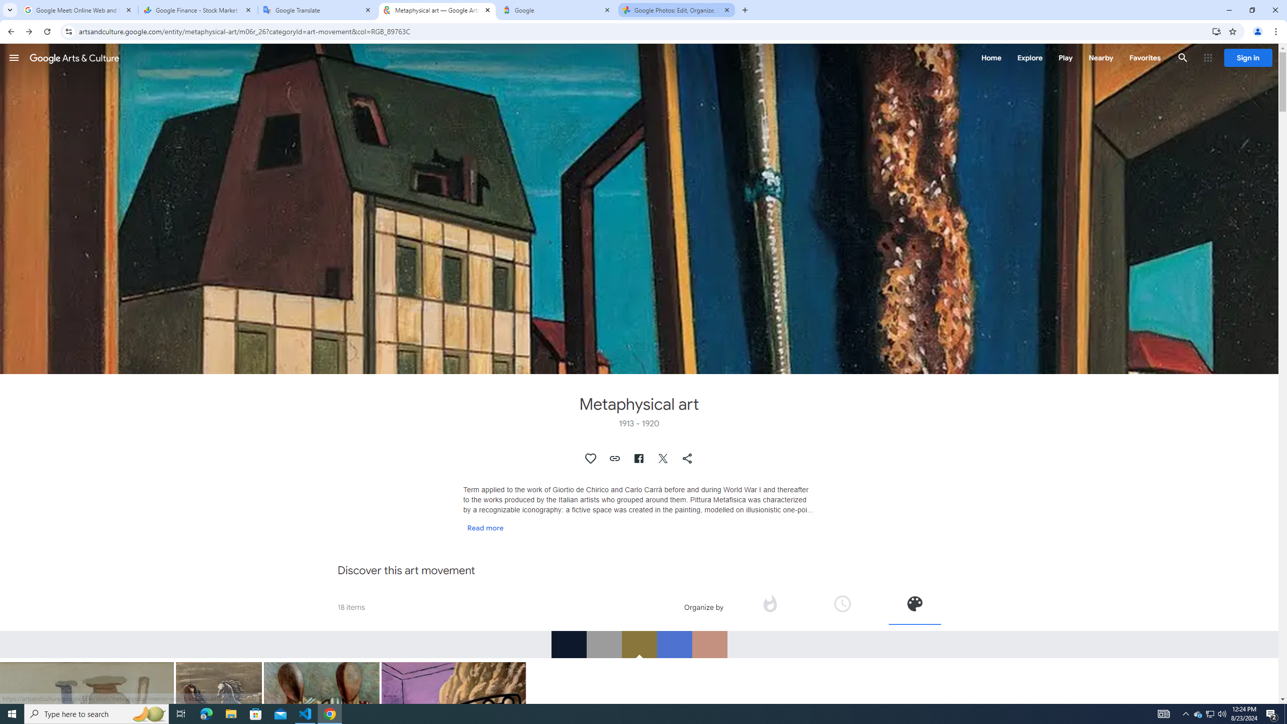  Describe the element at coordinates (317, 10) in the screenshot. I see `'Google Translate'` at that location.